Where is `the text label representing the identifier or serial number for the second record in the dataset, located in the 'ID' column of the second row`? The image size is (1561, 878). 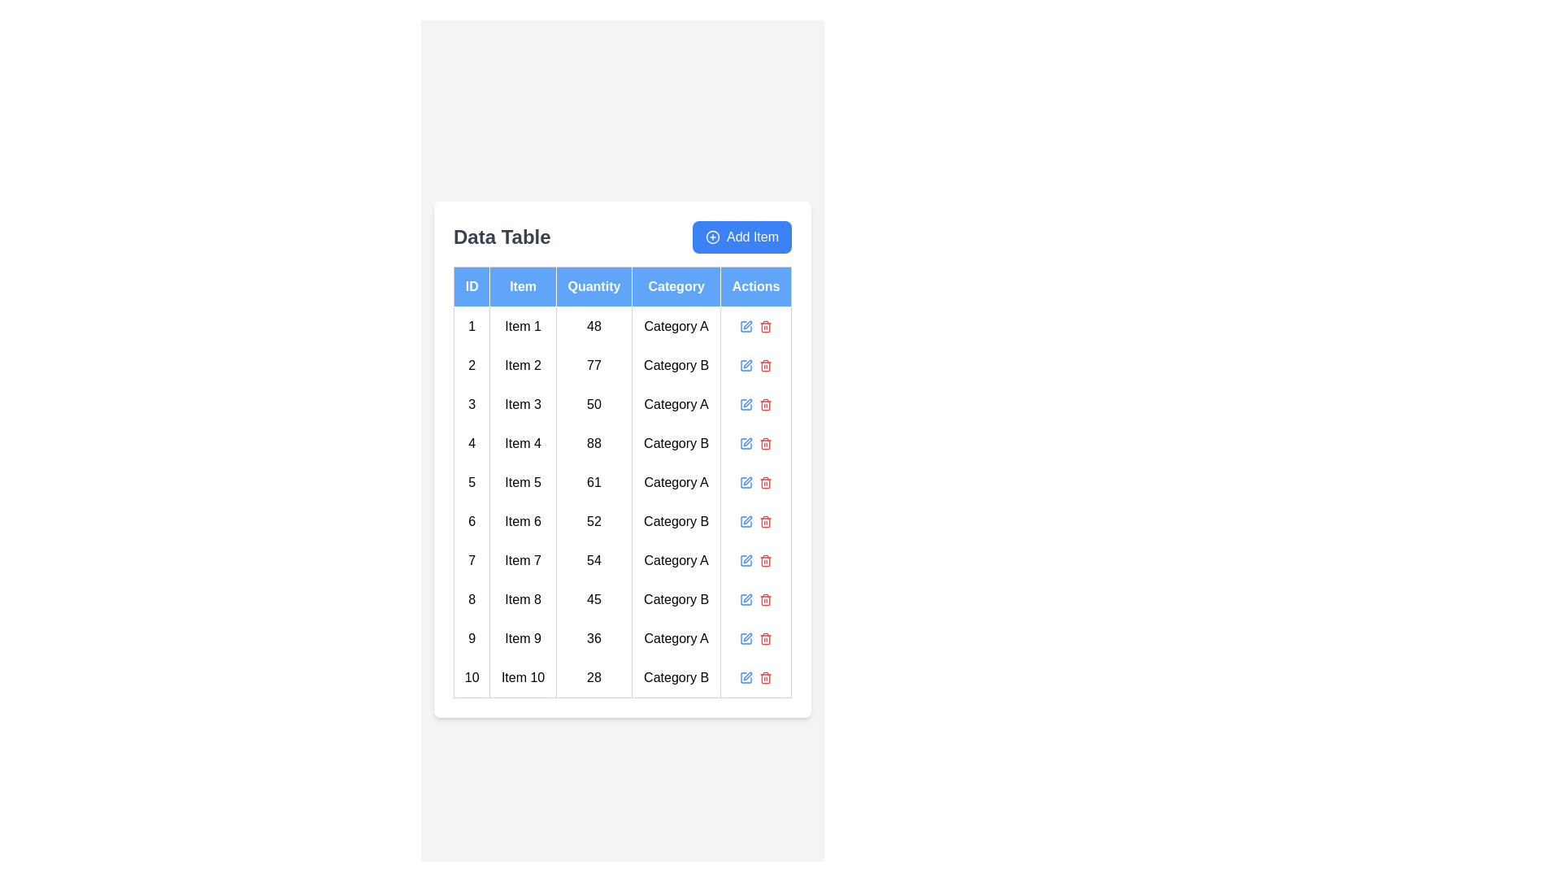 the text label representing the identifier or serial number for the second record in the dataset, located in the 'ID' column of the second row is located at coordinates (471, 364).